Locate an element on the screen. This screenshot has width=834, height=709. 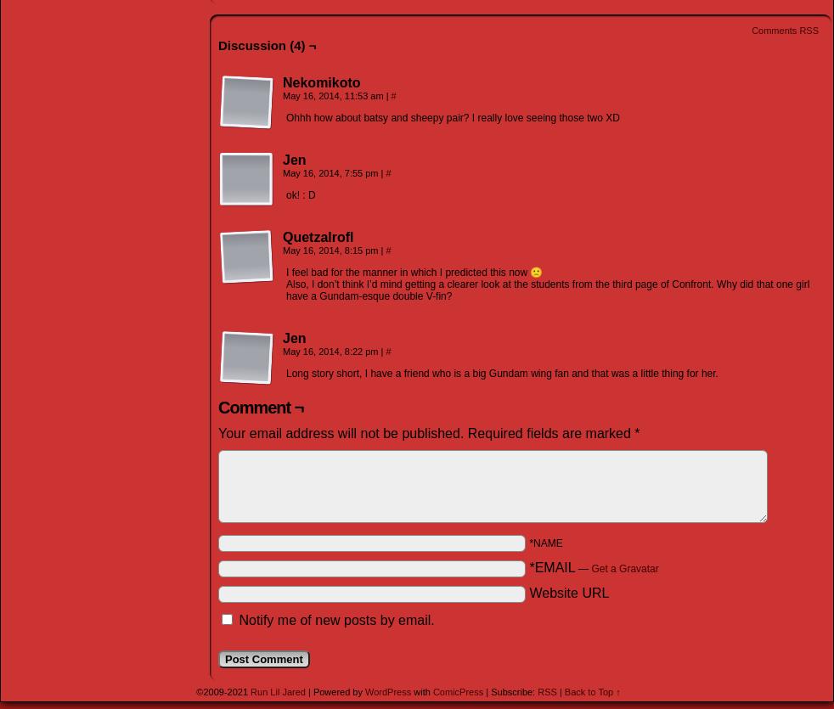
'Long story short, I have a friend who is a big Gundam wing fan and that was a little thing for her.' is located at coordinates (500, 371).